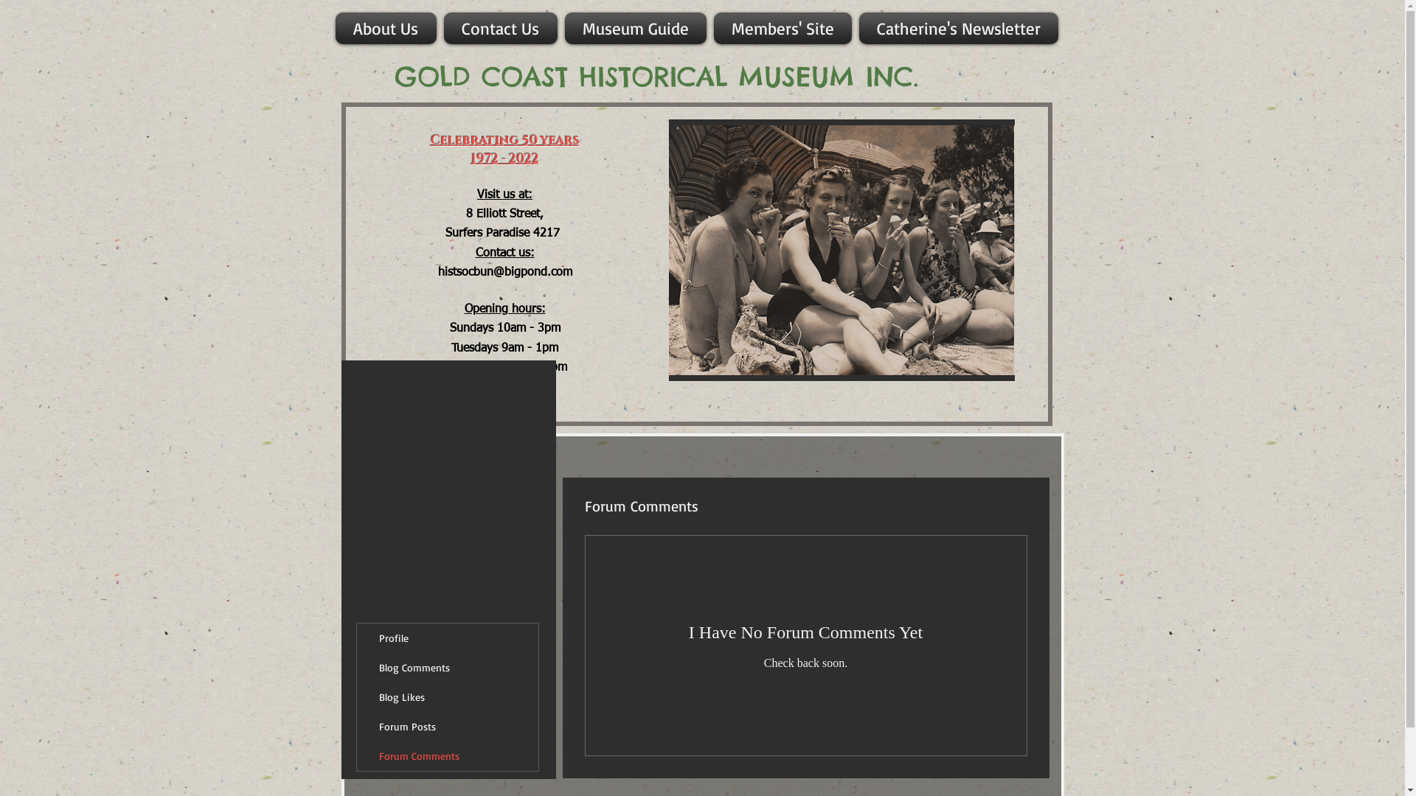 This screenshot has width=1416, height=796. Describe the element at coordinates (446, 756) in the screenshot. I see `'Forum Comments'` at that location.